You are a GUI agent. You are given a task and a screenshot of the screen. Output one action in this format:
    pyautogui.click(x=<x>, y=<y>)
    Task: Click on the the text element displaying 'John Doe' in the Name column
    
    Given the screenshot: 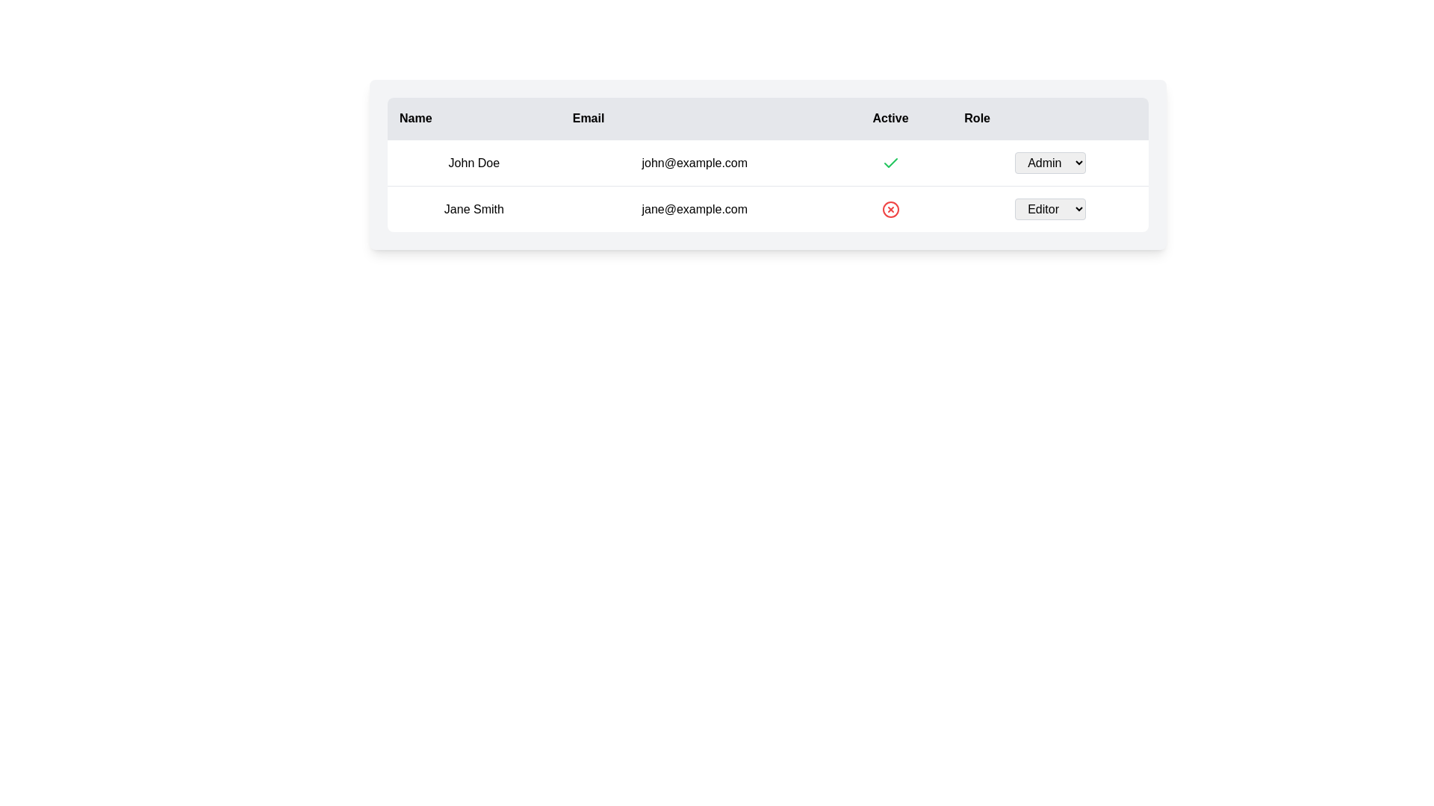 What is the action you would take?
    pyautogui.click(x=473, y=163)
    